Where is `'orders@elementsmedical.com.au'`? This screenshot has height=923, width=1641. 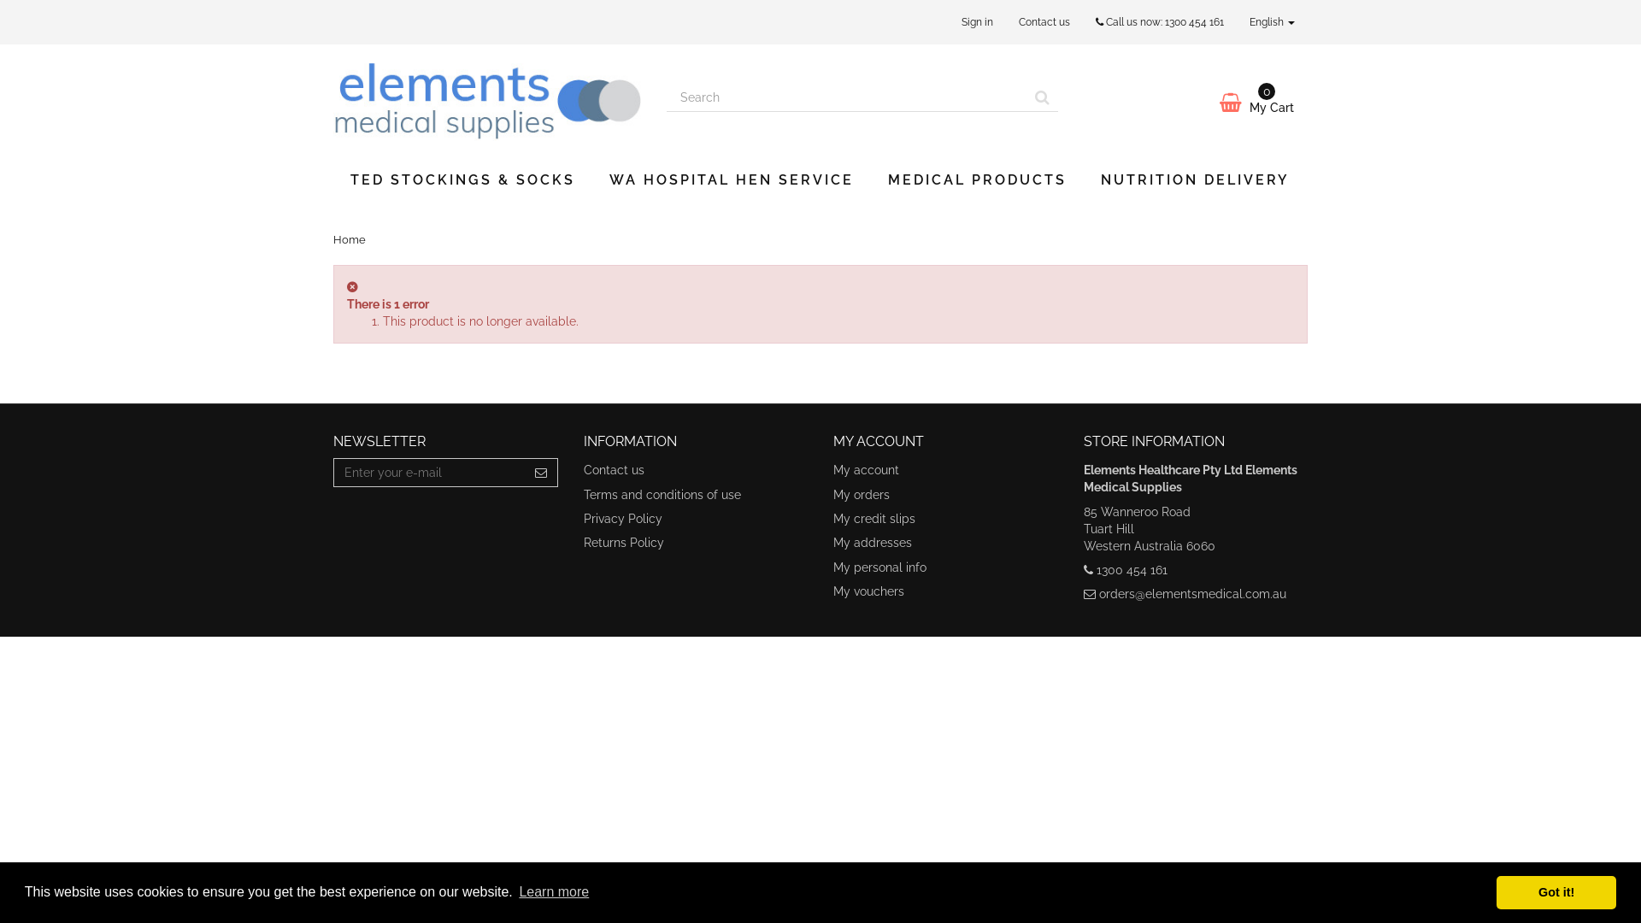
'orders@elementsmedical.com.au' is located at coordinates (1191, 592).